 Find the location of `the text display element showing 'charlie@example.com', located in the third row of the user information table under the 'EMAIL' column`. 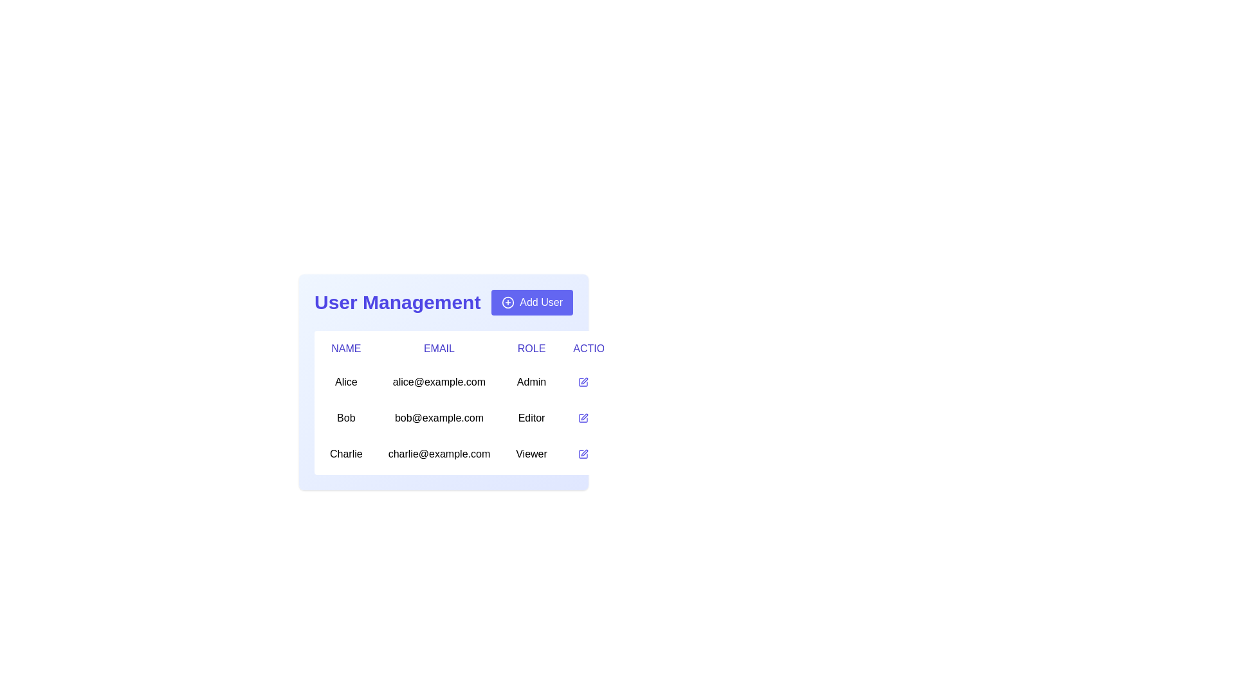

the text display element showing 'charlie@example.com', located in the third row of the user information table under the 'EMAIL' column is located at coordinates (439, 453).